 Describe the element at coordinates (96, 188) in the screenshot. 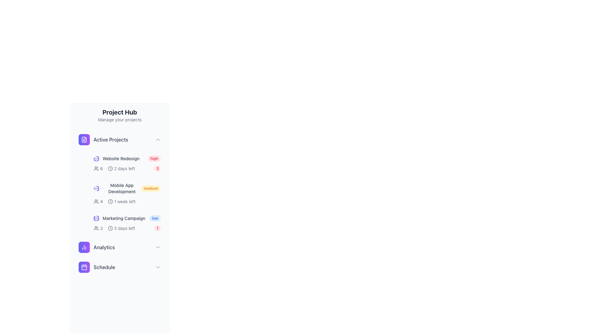

I see `the small square-shaped indicator displaying '45%' located adjacent to the left of 'Mobile App Development' in the 'Active Projects' section of the 'Project Hub'` at that location.